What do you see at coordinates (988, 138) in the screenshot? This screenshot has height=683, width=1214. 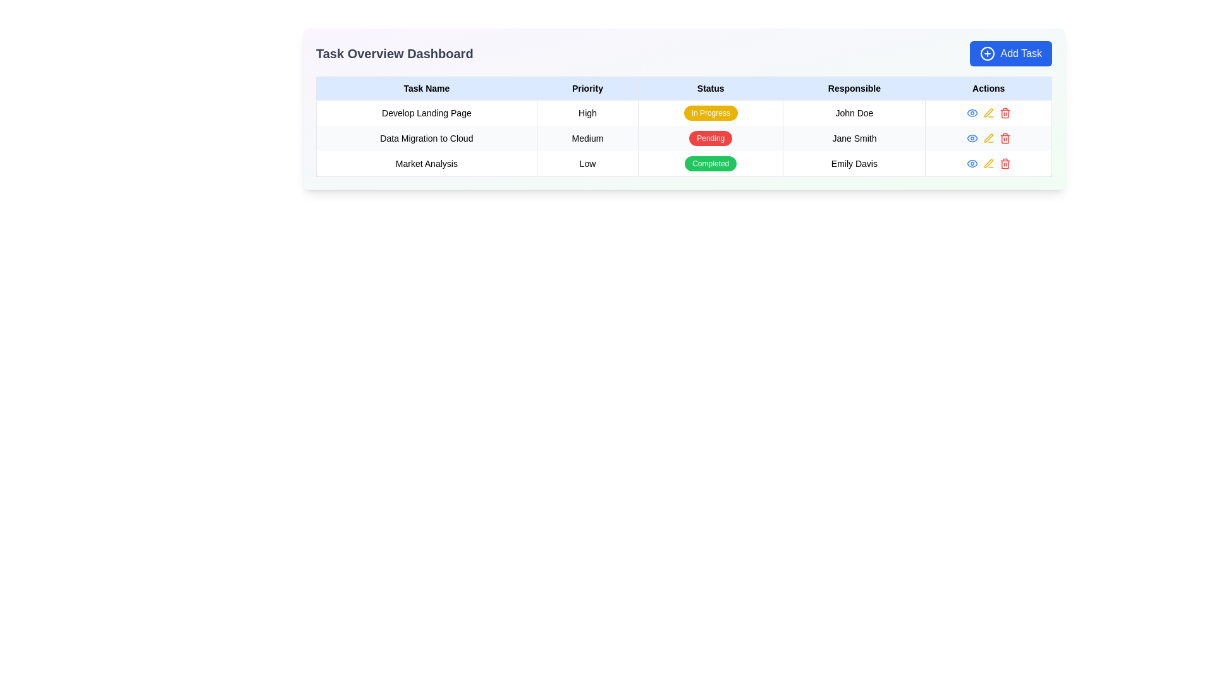 I see `the red trash can icon button in the second row of the table` at bounding box center [988, 138].